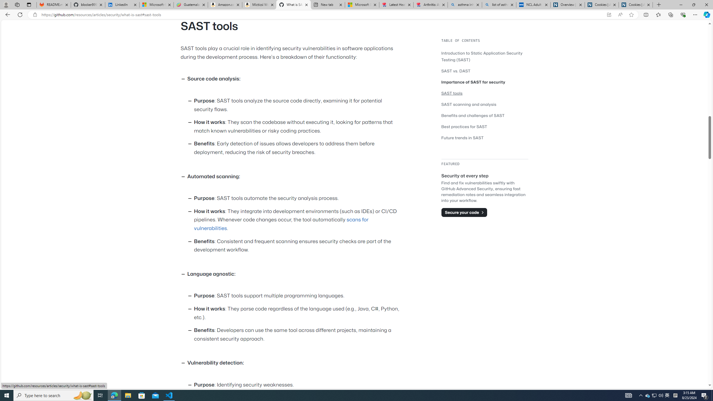 This screenshot has width=713, height=401. I want to click on 'Benefits and challenges of SAST', so click(473, 115).